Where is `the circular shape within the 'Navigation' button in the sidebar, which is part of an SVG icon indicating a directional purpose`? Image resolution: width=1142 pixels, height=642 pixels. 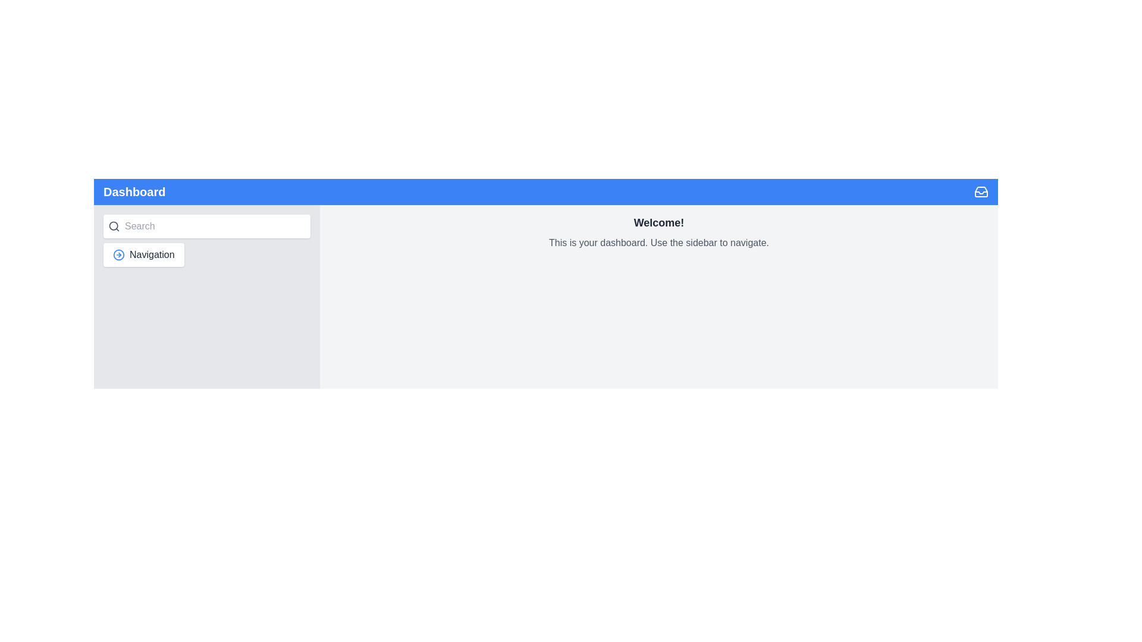 the circular shape within the 'Navigation' button in the sidebar, which is part of an SVG icon indicating a directional purpose is located at coordinates (119, 254).